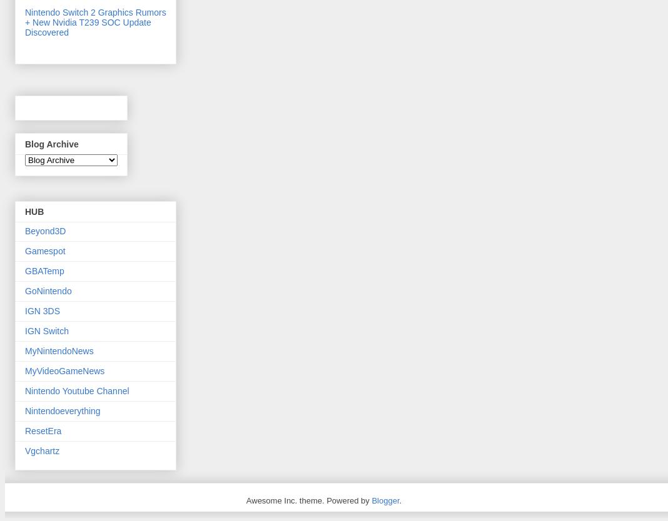 This screenshot has height=521, width=668. Describe the element at coordinates (64, 370) in the screenshot. I see `'MyVideoGameNews'` at that location.